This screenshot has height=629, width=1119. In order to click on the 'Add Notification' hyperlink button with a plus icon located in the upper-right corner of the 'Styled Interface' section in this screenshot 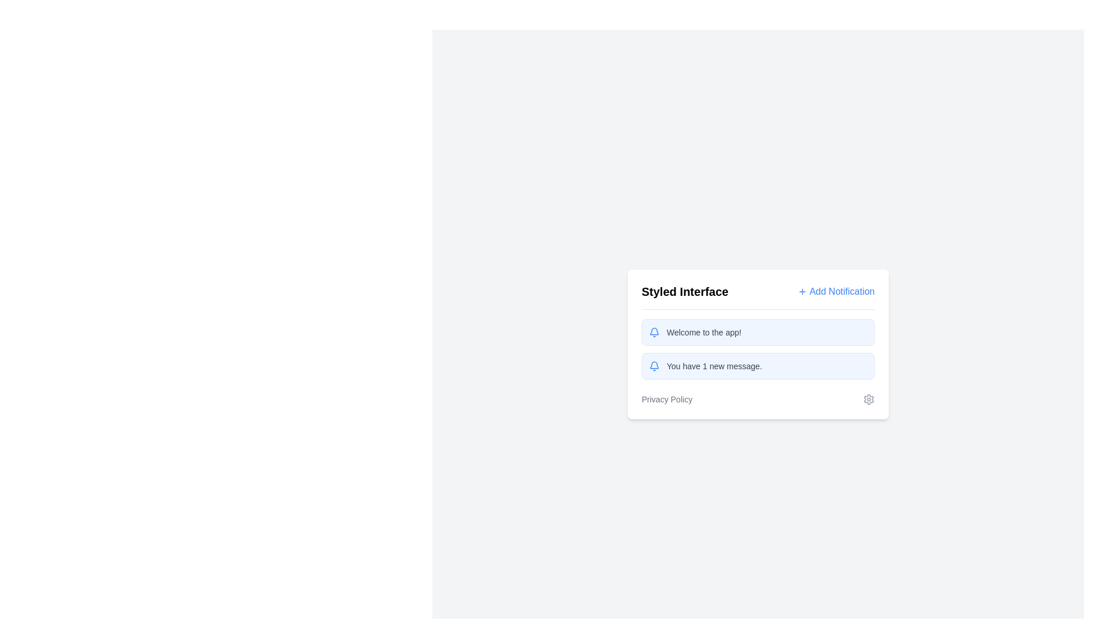, I will do `click(836, 291)`.